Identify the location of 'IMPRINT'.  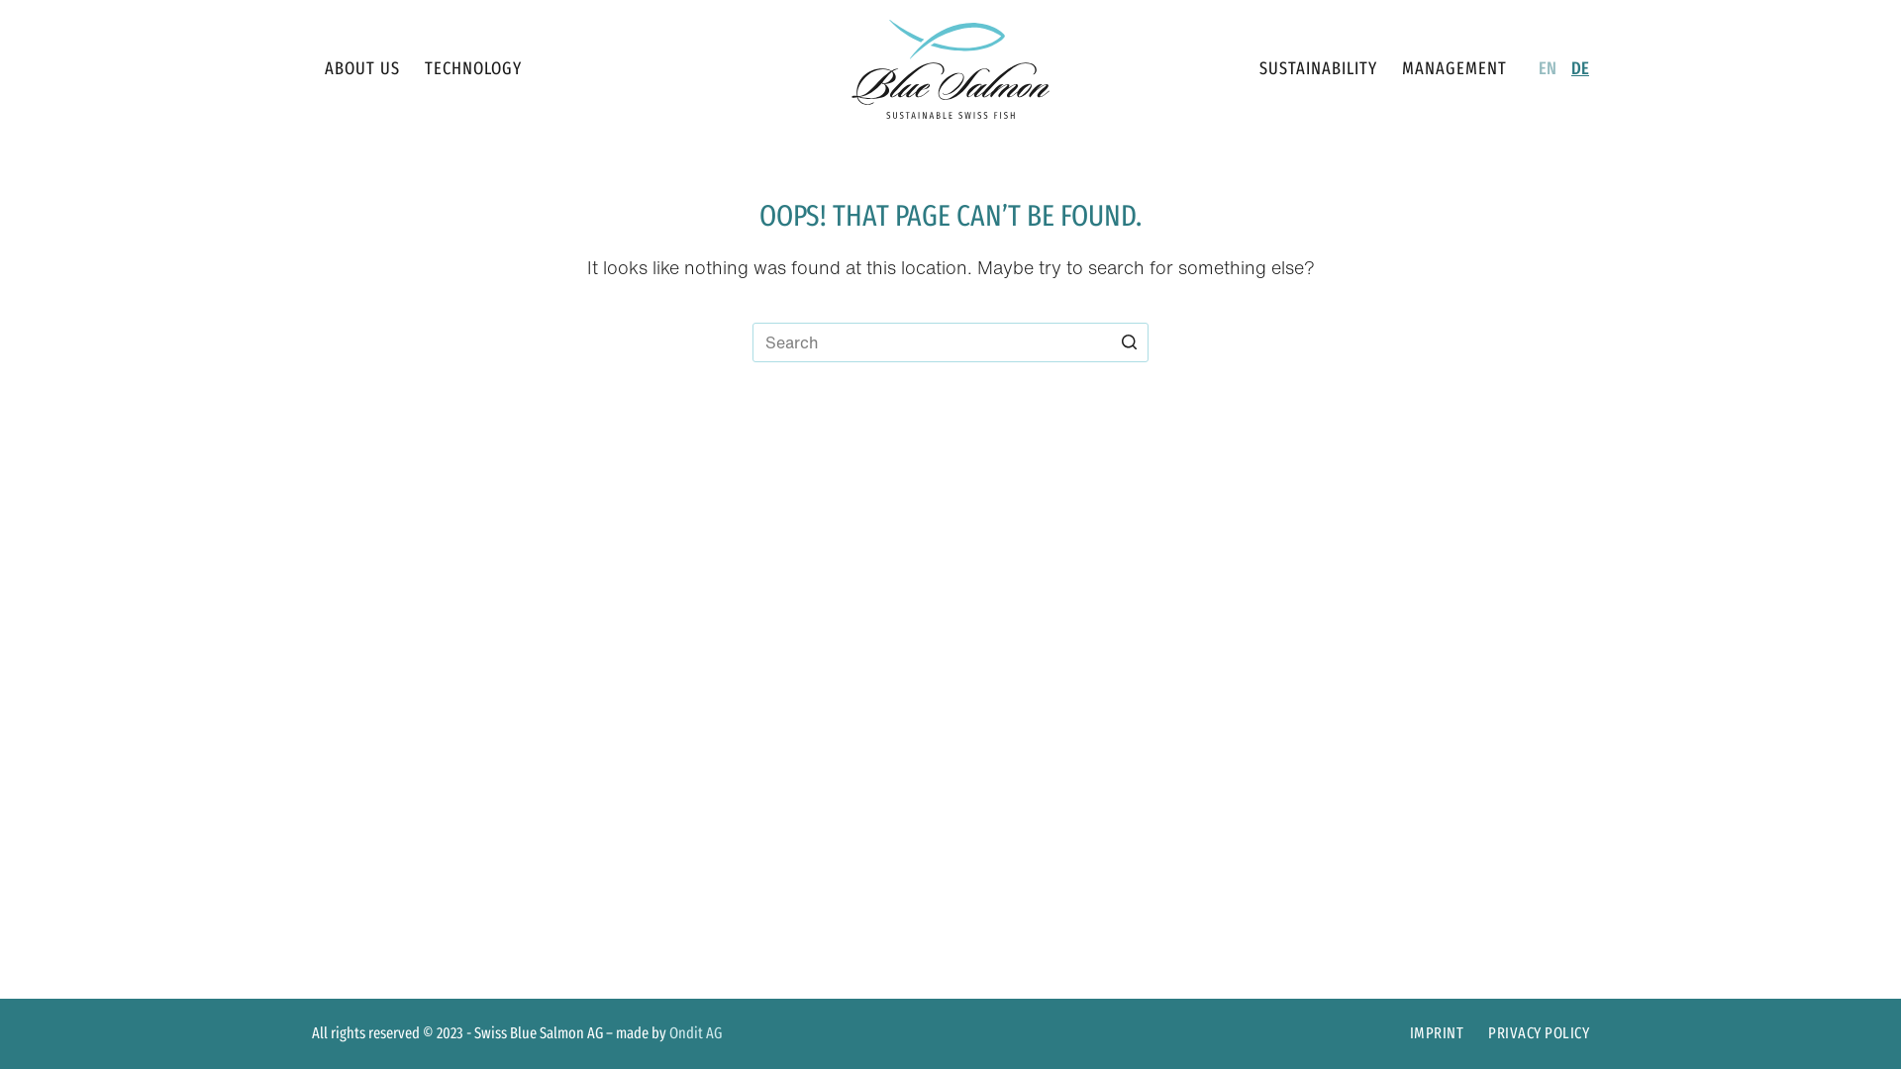
(1436, 1032).